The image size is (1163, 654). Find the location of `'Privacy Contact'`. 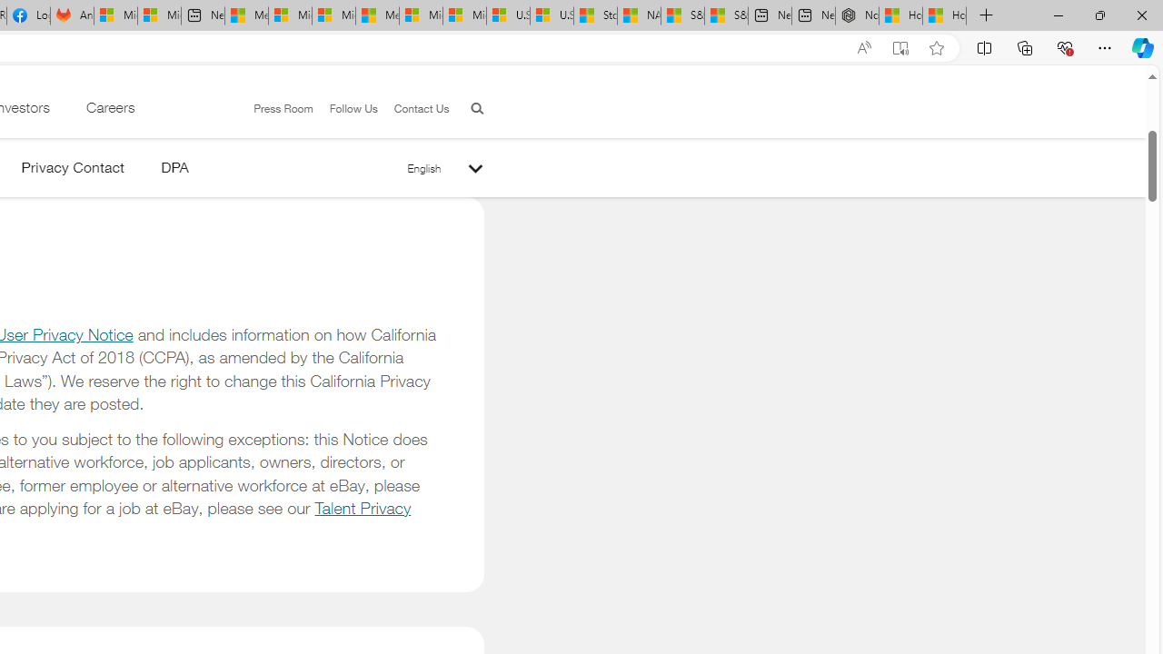

'Privacy Contact' is located at coordinates (73, 171).